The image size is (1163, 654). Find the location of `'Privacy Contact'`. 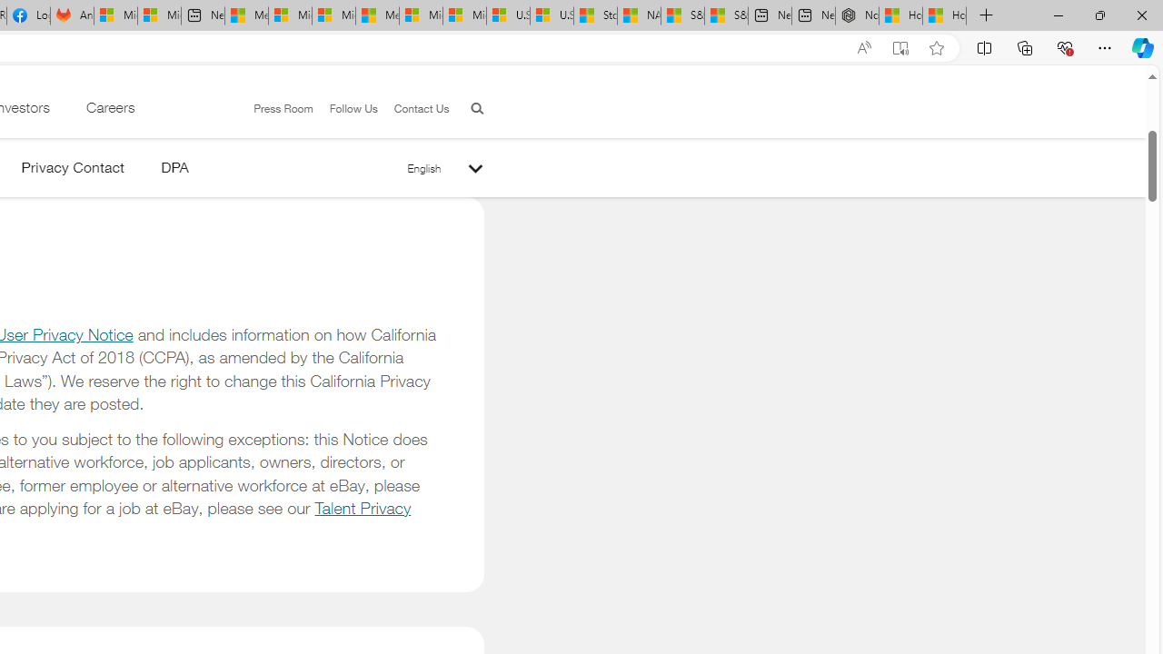

'Privacy Contact' is located at coordinates (73, 171).